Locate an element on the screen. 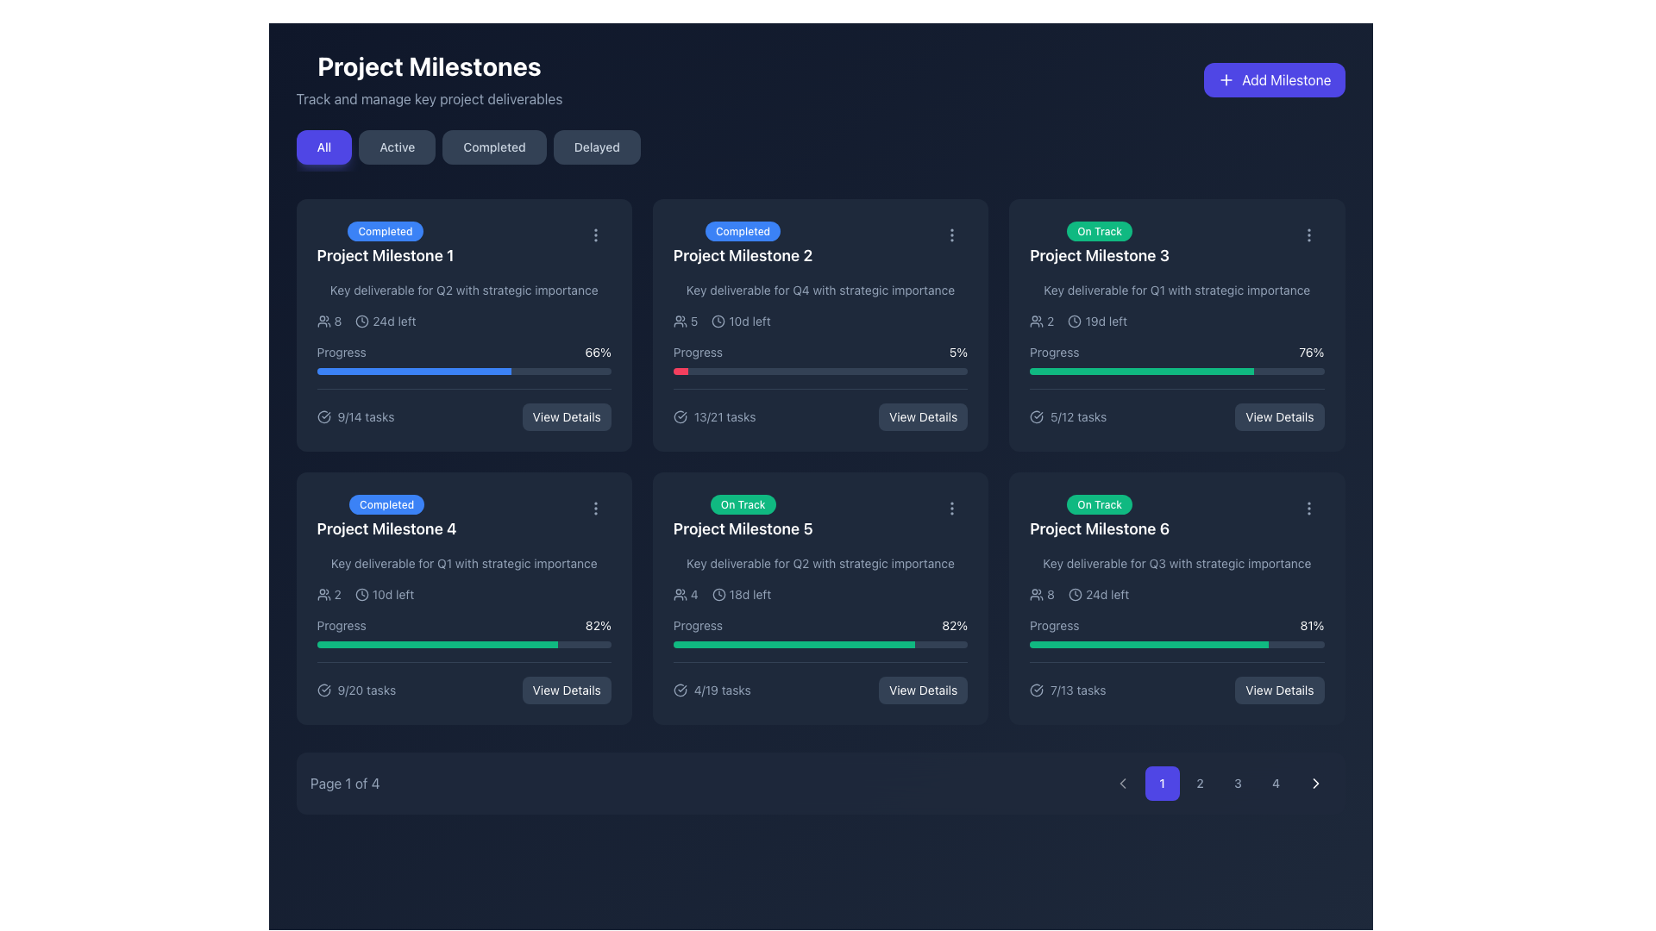  the Progress bar that visually represents the completion percentage of a task, located in the 'Project Milestone 1' card, directly below the text 'Progress 66%' is located at coordinates (464, 371).